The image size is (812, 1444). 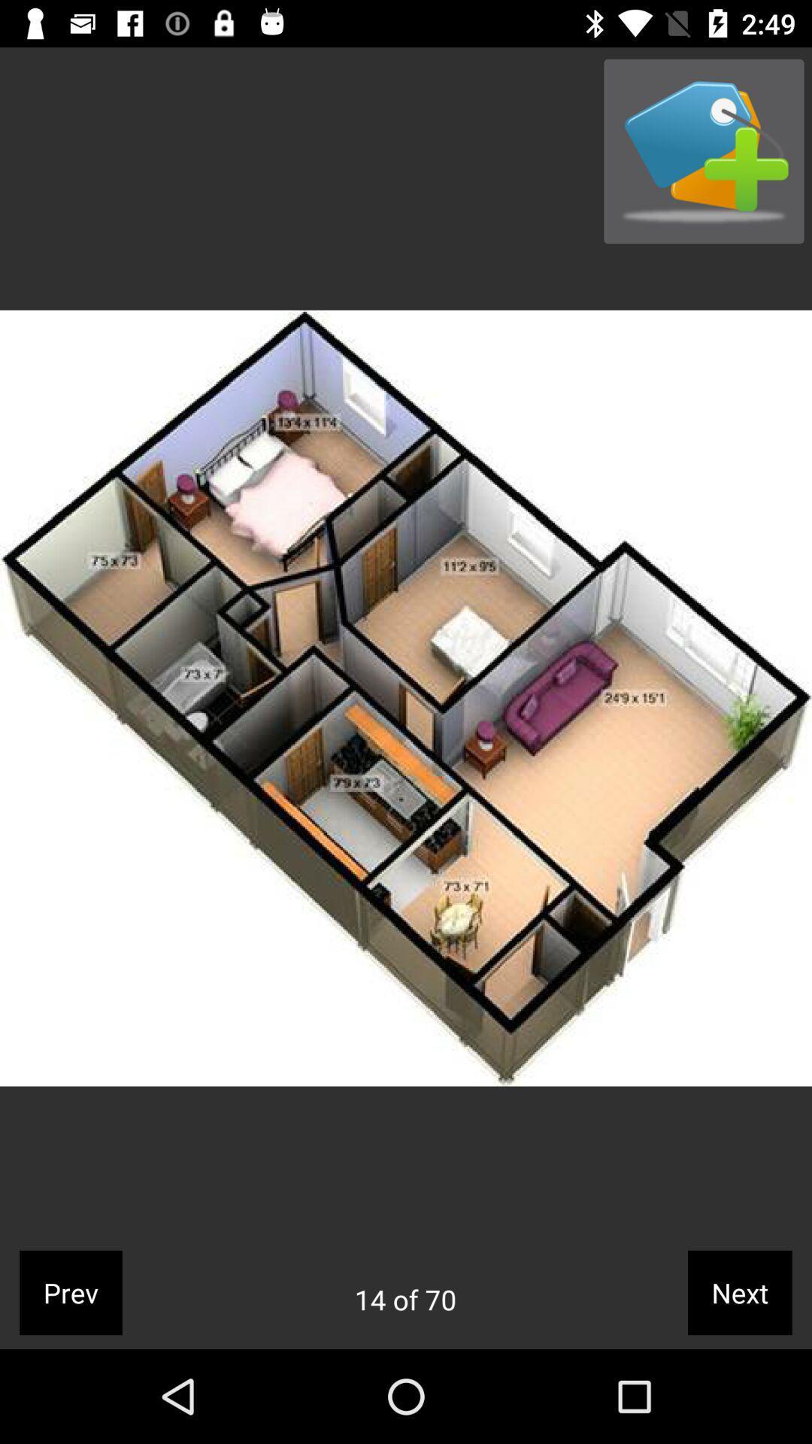 What do you see at coordinates (71, 1291) in the screenshot?
I see `the icon next to the 14 of 70 icon` at bounding box center [71, 1291].